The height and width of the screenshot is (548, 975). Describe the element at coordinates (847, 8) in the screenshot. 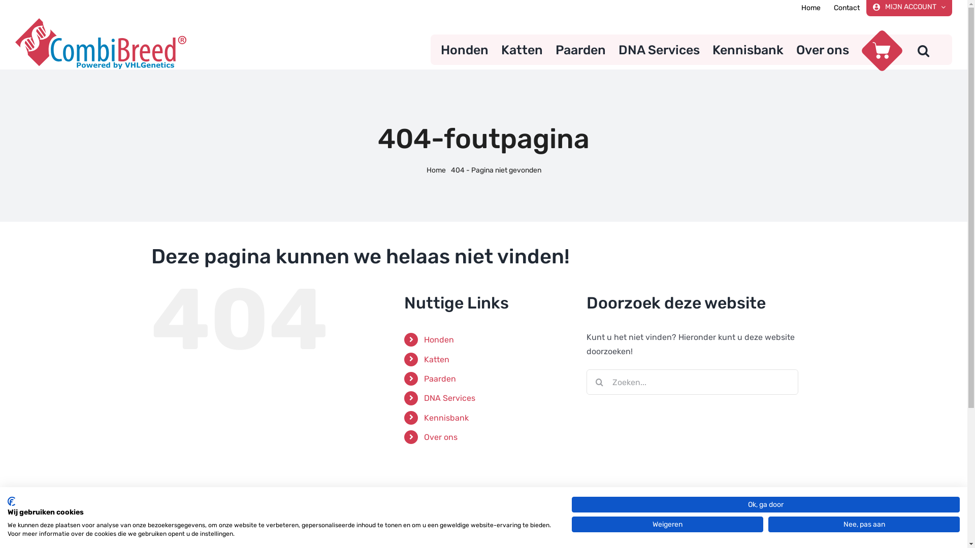

I see `'Contact'` at that location.